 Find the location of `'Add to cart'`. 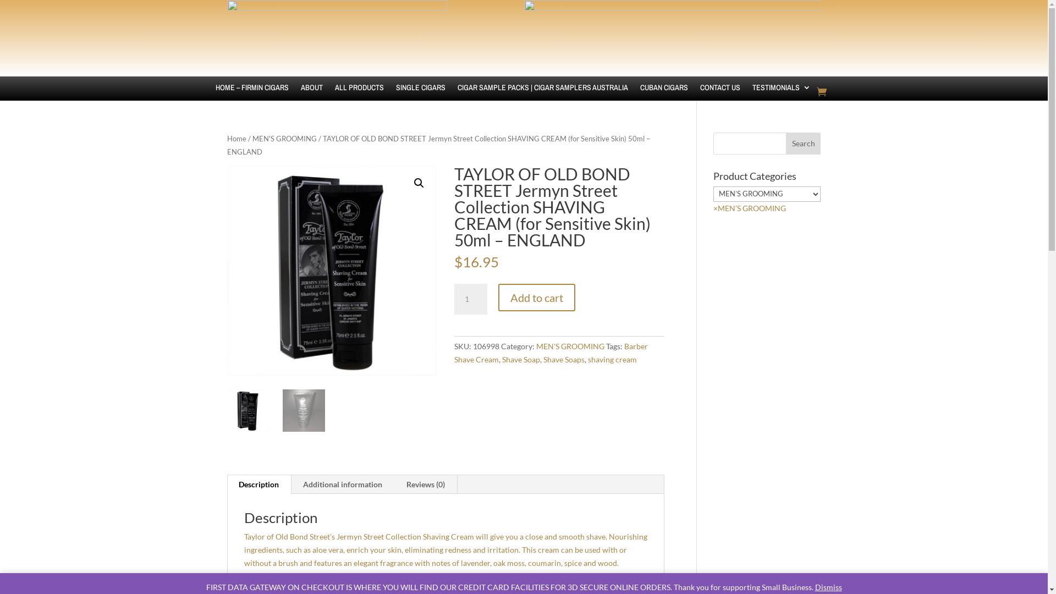

'Add to cart' is located at coordinates (536, 297).